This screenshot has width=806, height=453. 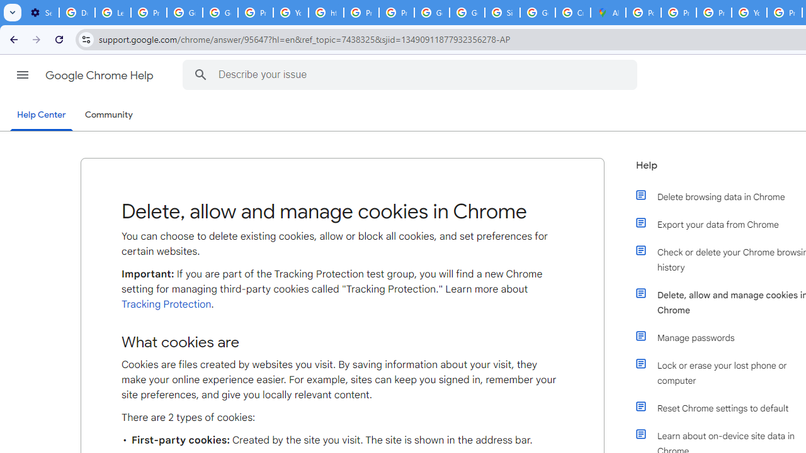 I want to click on 'Main menu', so click(x=22, y=75).